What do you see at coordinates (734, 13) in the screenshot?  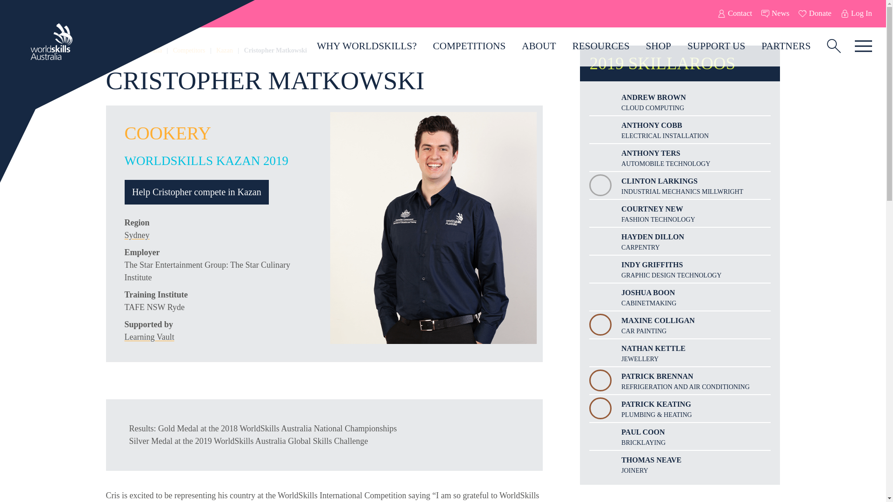 I see `'Contact'` at bounding box center [734, 13].